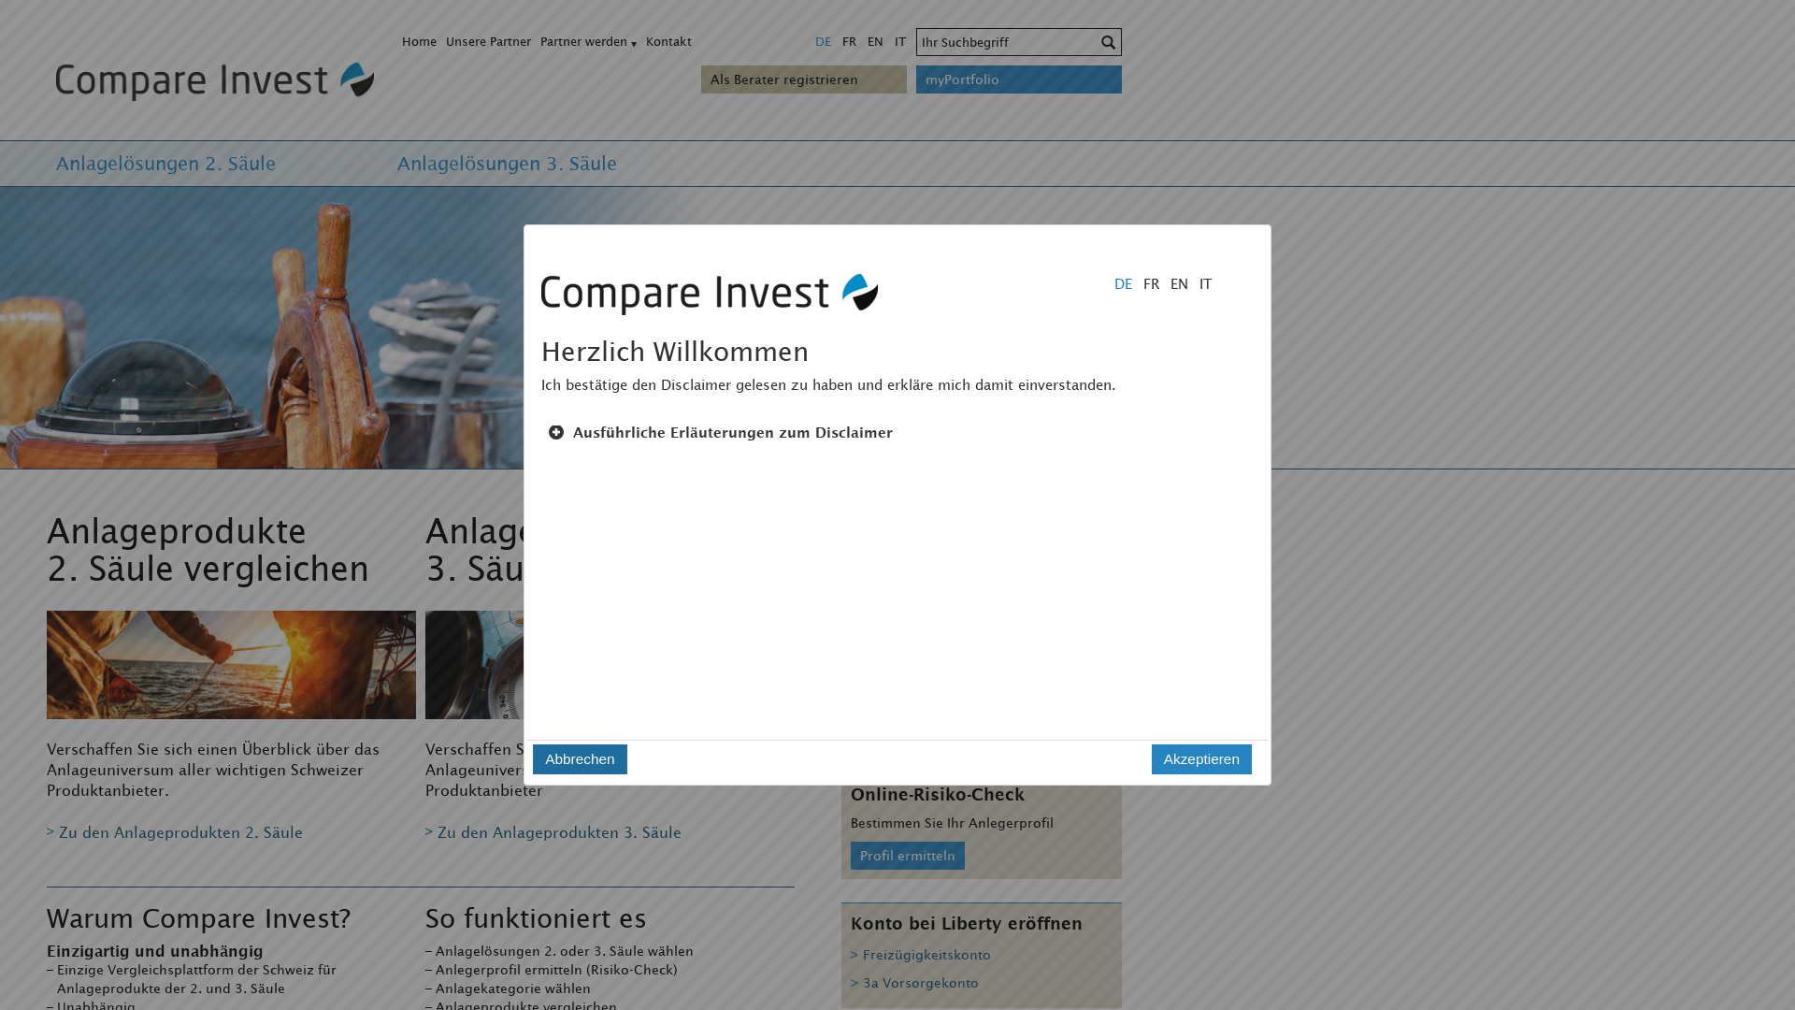 Image resolution: width=1795 pixels, height=1010 pixels. I want to click on 'Home', so click(418, 41).